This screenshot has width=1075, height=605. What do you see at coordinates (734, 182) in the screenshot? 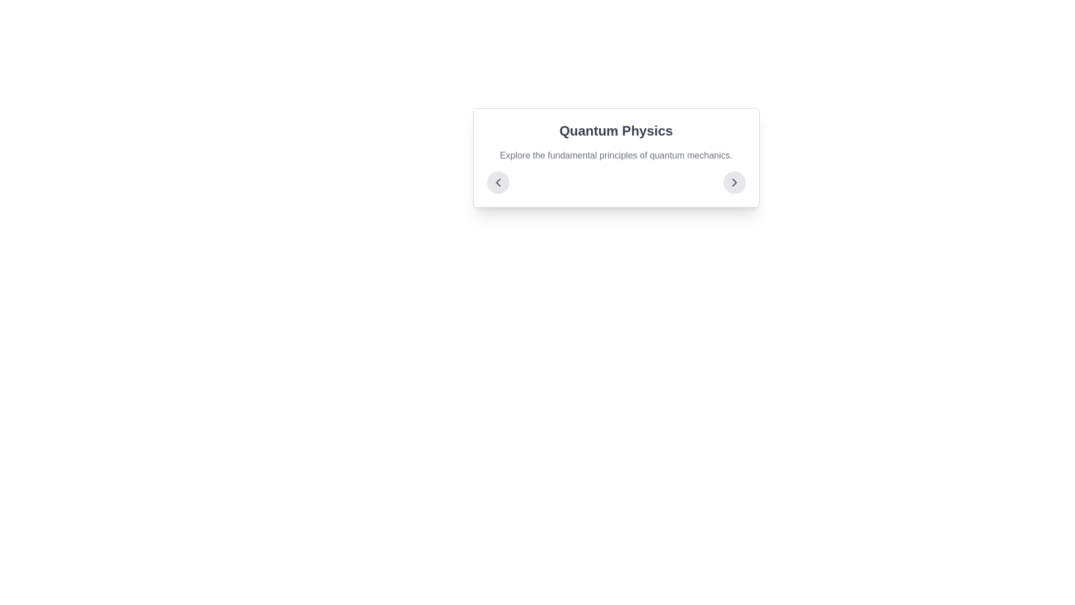
I see `the right-chevron icon within the circular button located on the right side of the interface, indicating forward motion for navigation` at bounding box center [734, 182].